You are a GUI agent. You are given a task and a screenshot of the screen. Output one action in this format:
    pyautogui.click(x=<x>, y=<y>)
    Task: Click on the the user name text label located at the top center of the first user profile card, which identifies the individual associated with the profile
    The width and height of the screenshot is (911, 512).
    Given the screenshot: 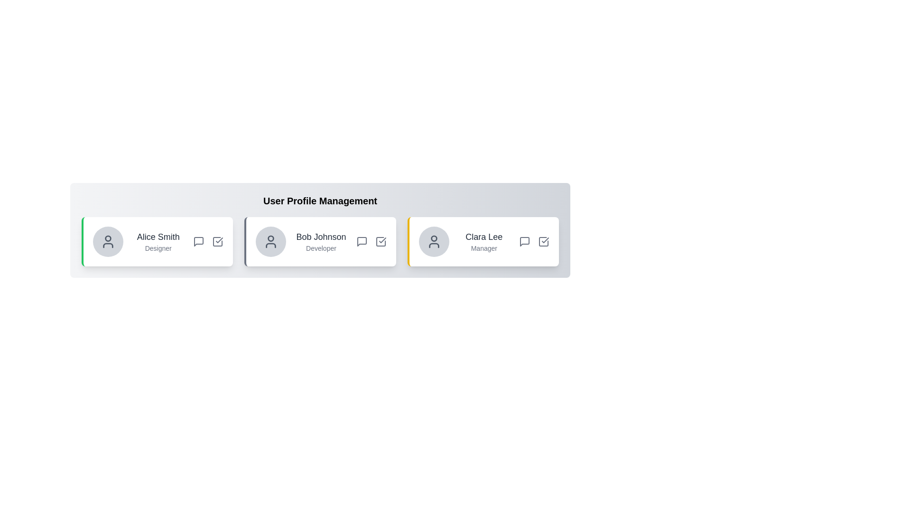 What is the action you would take?
    pyautogui.click(x=158, y=237)
    